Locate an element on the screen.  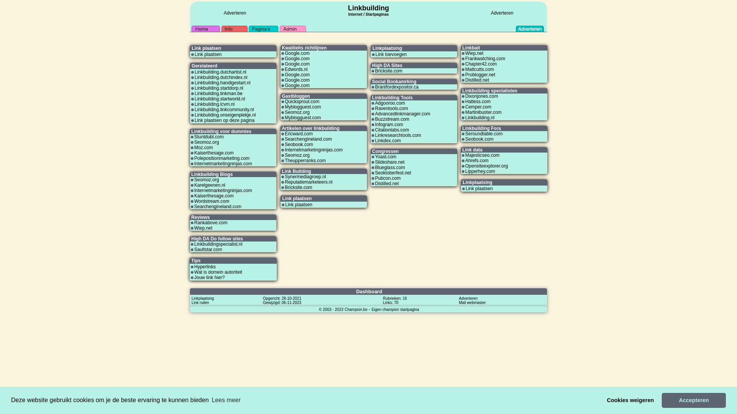
'Opensiteexplorer.org' is located at coordinates (486, 165).